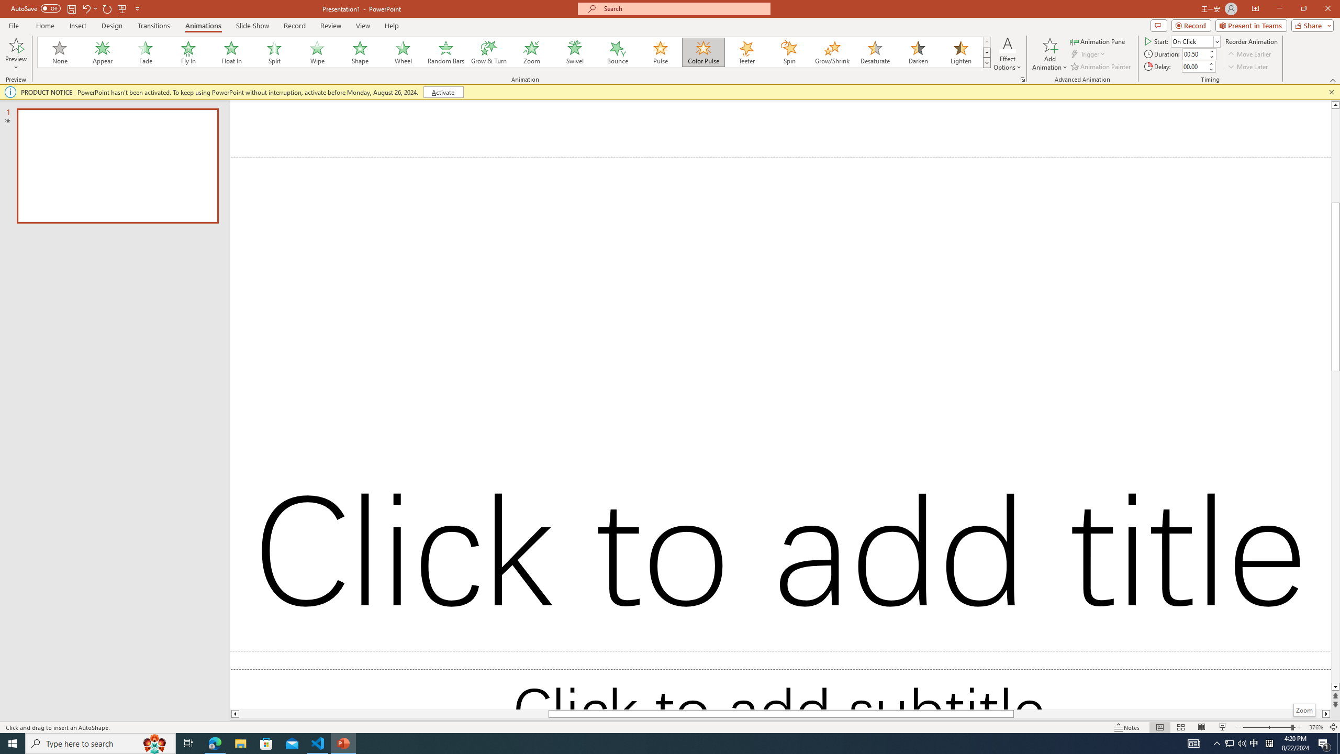  What do you see at coordinates (1331, 92) in the screenshot?
I see `'Close this message'` at bounding box center [1331, 92].